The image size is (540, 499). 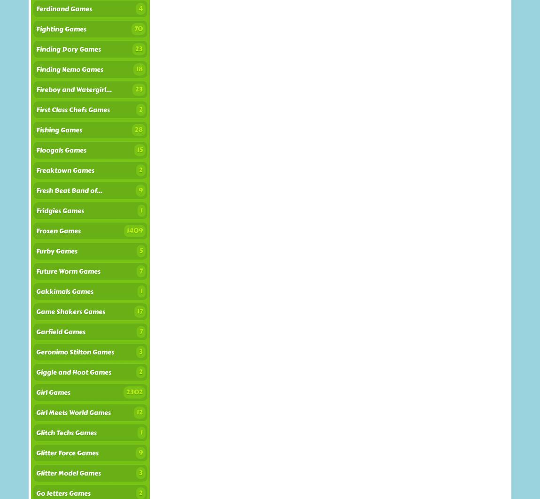 I want to click on 'Fireboy and Watergirl...', so click(x=36, y=90).